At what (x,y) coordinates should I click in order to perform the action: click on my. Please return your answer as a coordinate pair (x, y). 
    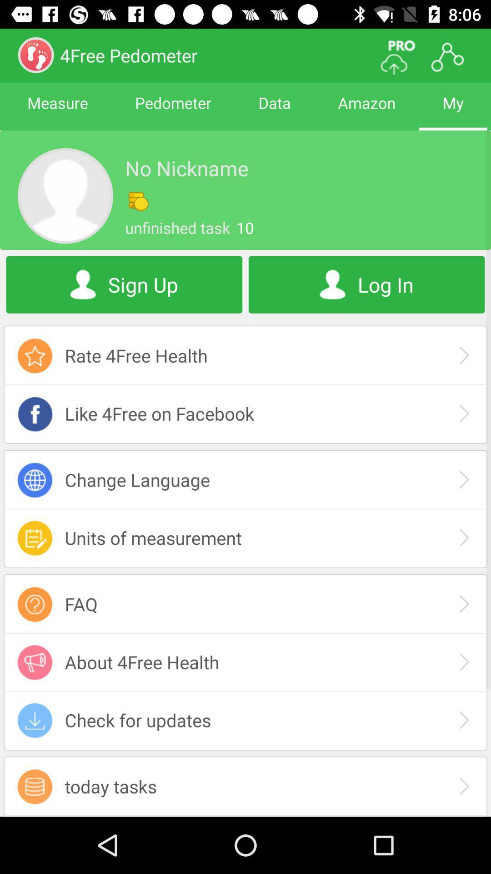
    Looking at the image, I should click on (453, 111).